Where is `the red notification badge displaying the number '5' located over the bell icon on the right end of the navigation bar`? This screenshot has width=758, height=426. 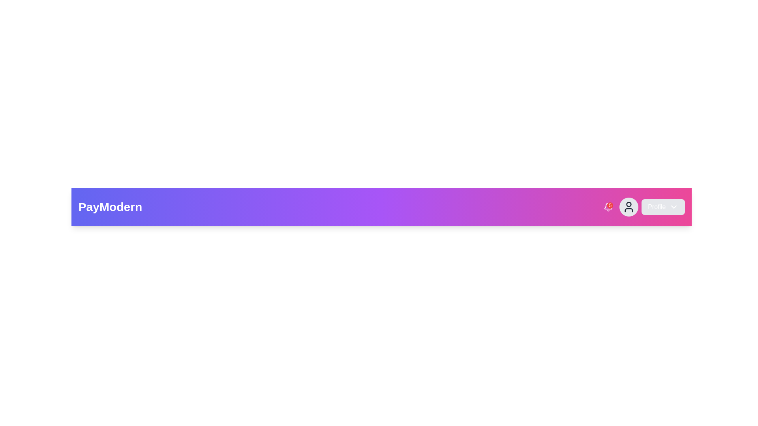
the red notification badge displaying the number '5' located over the bell icon on the right end of the navigation bar is located at coordinates (608, 206).